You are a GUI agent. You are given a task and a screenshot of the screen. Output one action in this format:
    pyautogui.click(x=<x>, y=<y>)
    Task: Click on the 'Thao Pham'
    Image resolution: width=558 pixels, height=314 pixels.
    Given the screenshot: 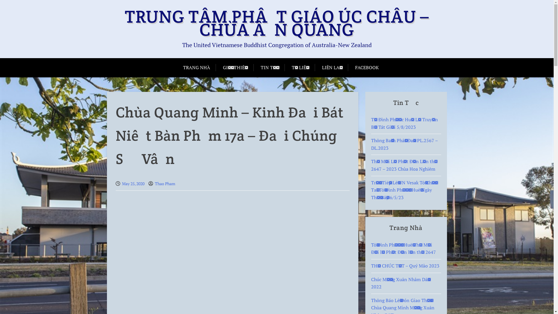 What is the action you would take?
    pyautogui.click(x=155, y=183)
    